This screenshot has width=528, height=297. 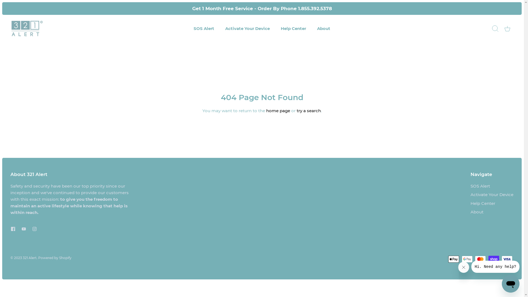 What do you see at coordinates (480, 186) in the screenshot?
I see `'SOS Alert'` at bounding box center [480, 186].